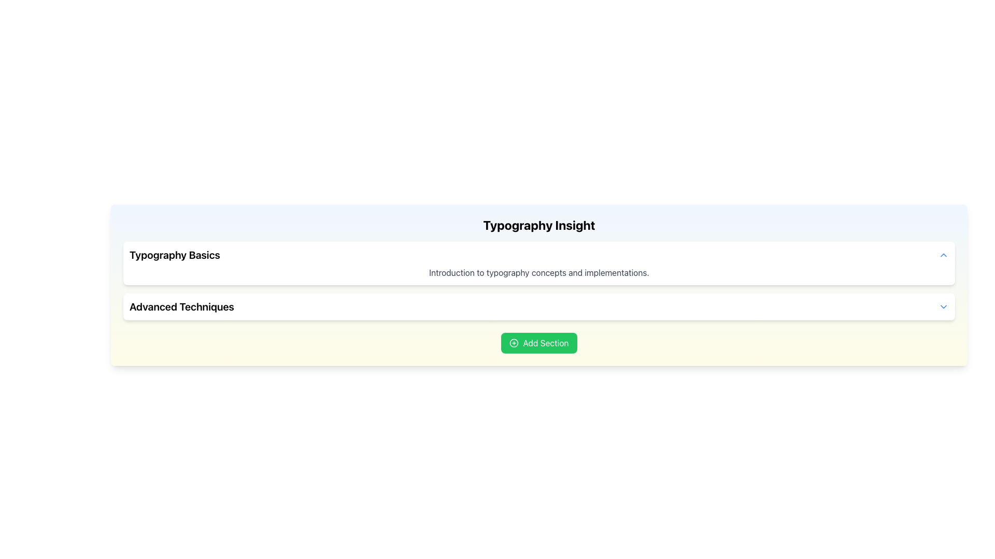 This screenshot has width=995, height=559. What do you see at coordinates (539, 225) in the screenshot?
I see `the static text element reading 'Typography Insight', which is displayed prominently in a bold and large font within a light gradient background header` at bounding box center [539, 225].